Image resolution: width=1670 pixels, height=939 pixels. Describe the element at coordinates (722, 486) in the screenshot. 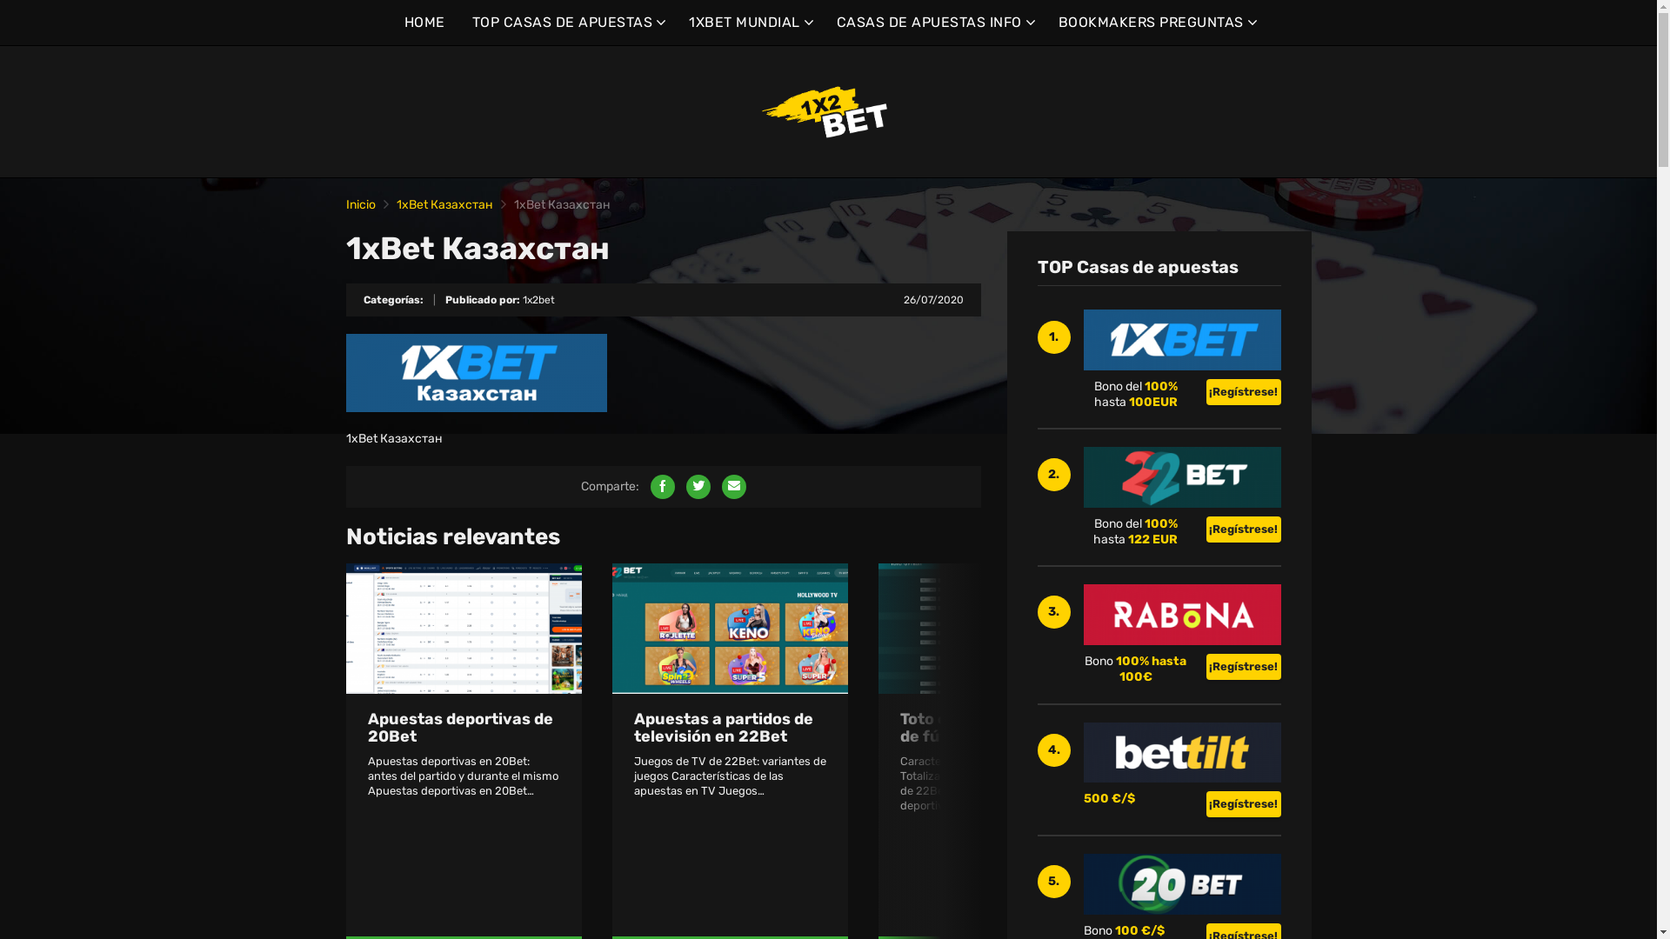

I see `'Share by email'` at that location.